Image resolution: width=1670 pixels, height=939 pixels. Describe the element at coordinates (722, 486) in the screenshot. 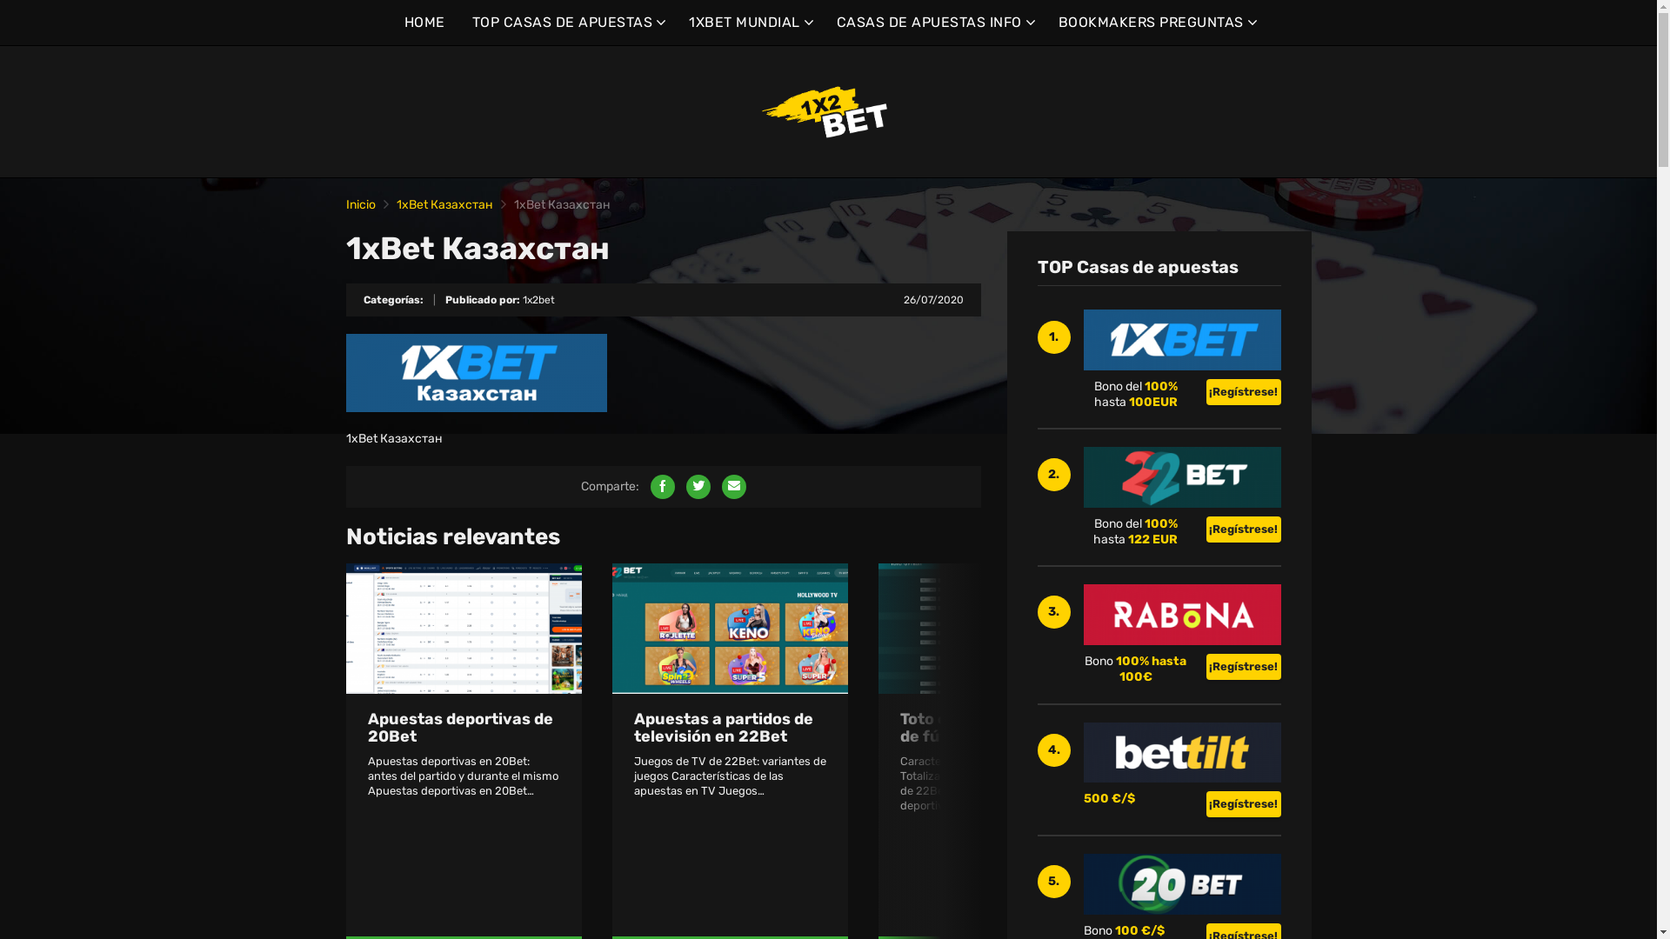

I see `'Share by email'` at that location.